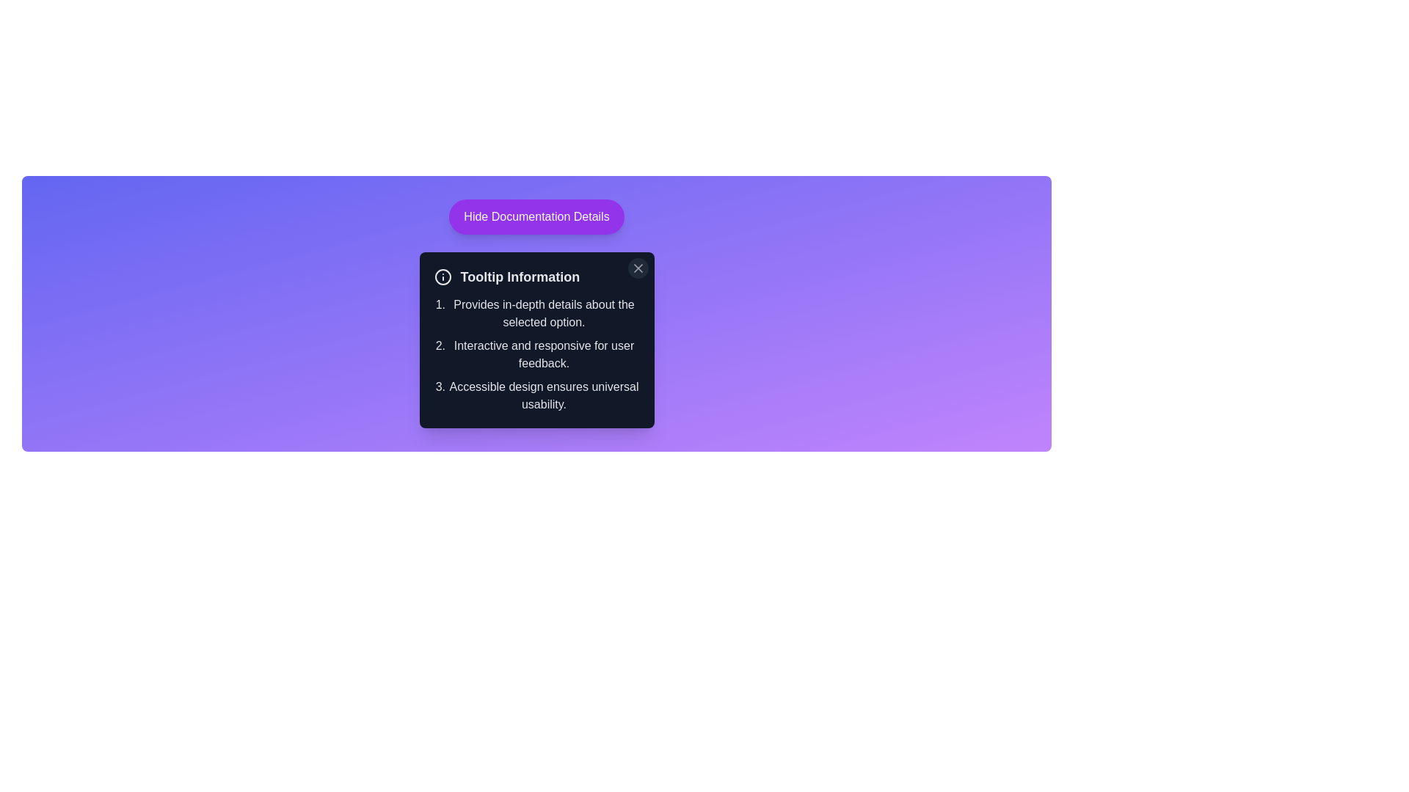 The width and height of the screenshot is (1409, 792). I want to click on the rounded rectangular button with a violet background and white text labeled 'Hide Documentation Details' to hide the documentation details, so click(536, 217).